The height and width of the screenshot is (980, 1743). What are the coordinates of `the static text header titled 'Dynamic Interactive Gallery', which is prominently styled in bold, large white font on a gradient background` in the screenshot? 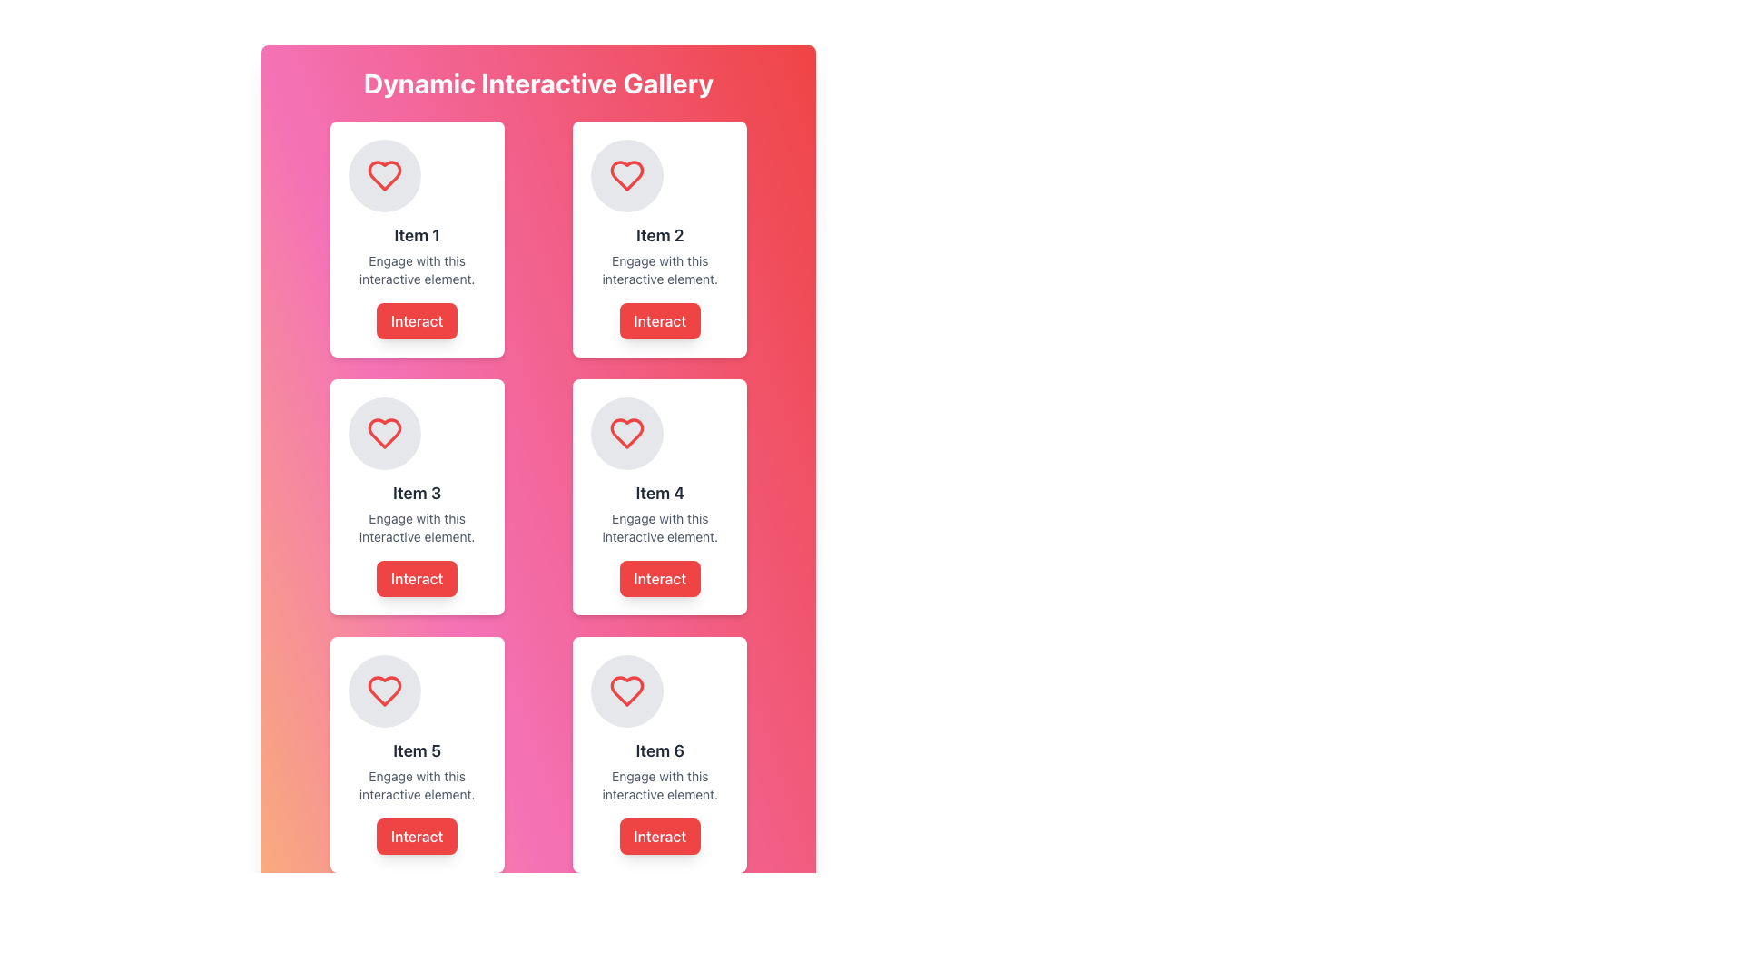 It's located at (537, 83).